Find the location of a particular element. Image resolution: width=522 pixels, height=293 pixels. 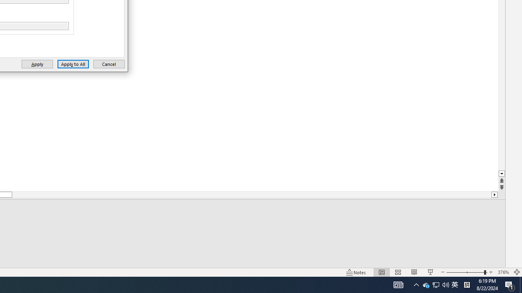

'Apply to All' is located at coordinates (73, 63).